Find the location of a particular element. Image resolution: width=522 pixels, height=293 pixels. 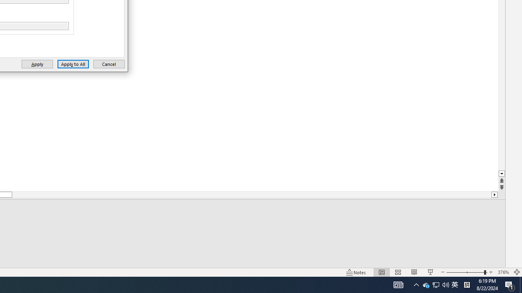

'Apply to All' is located at coordinates (73, 63).